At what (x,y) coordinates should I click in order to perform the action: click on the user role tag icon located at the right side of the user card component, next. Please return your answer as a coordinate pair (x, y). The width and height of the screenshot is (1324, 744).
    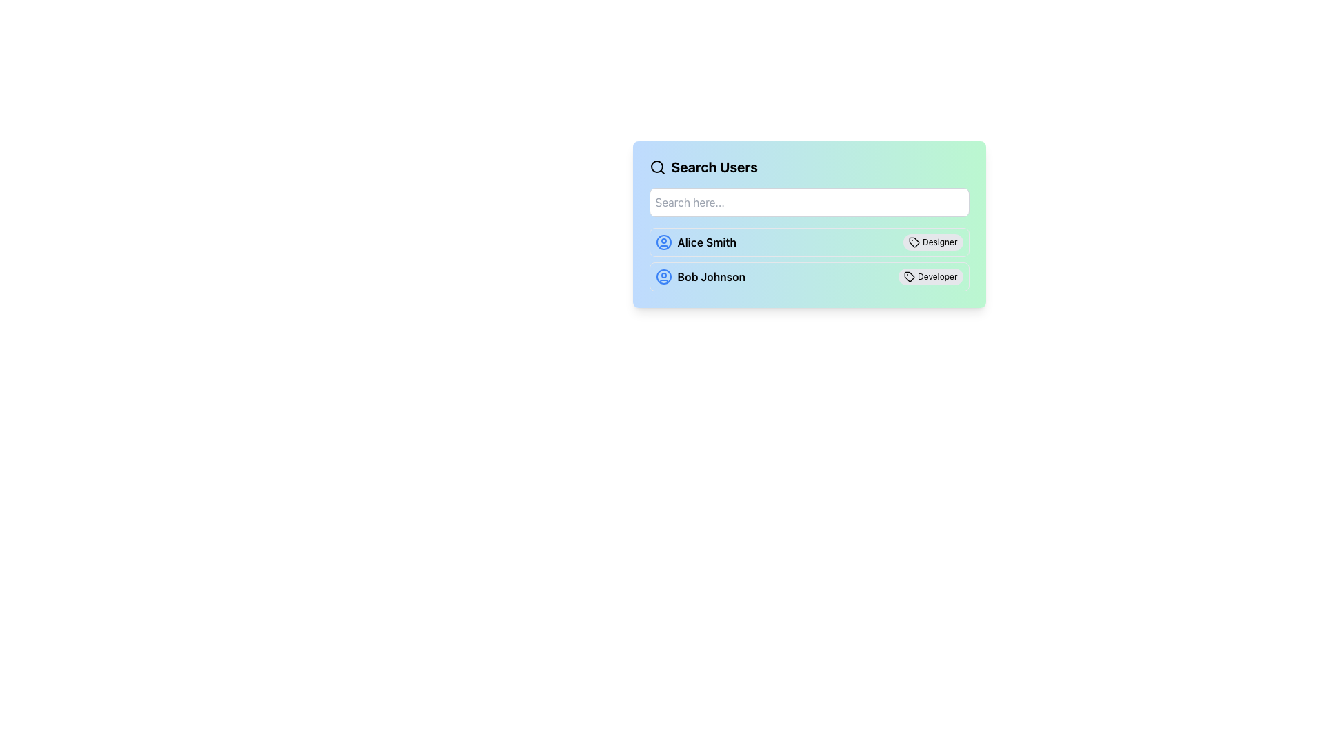
    Looking at the image, I should click on (914, 241).